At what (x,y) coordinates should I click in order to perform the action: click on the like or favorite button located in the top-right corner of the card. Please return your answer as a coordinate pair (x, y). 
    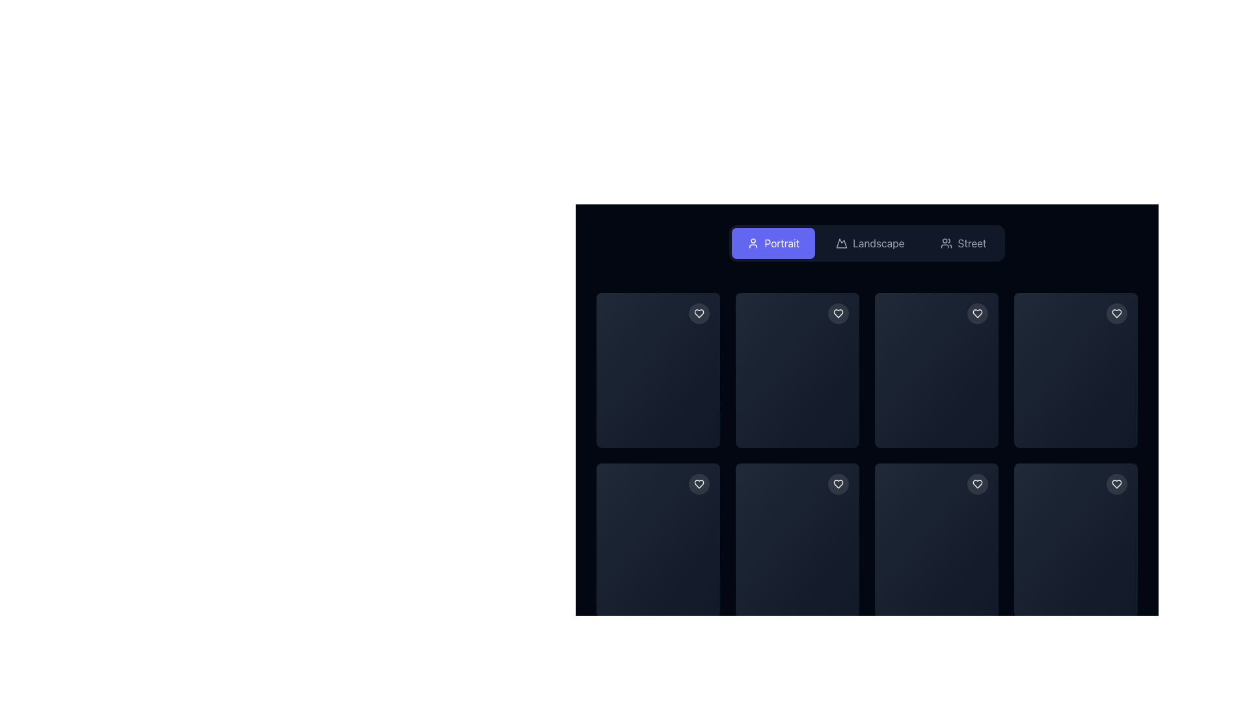
    Looking at the image, I should click on (1116, 314).